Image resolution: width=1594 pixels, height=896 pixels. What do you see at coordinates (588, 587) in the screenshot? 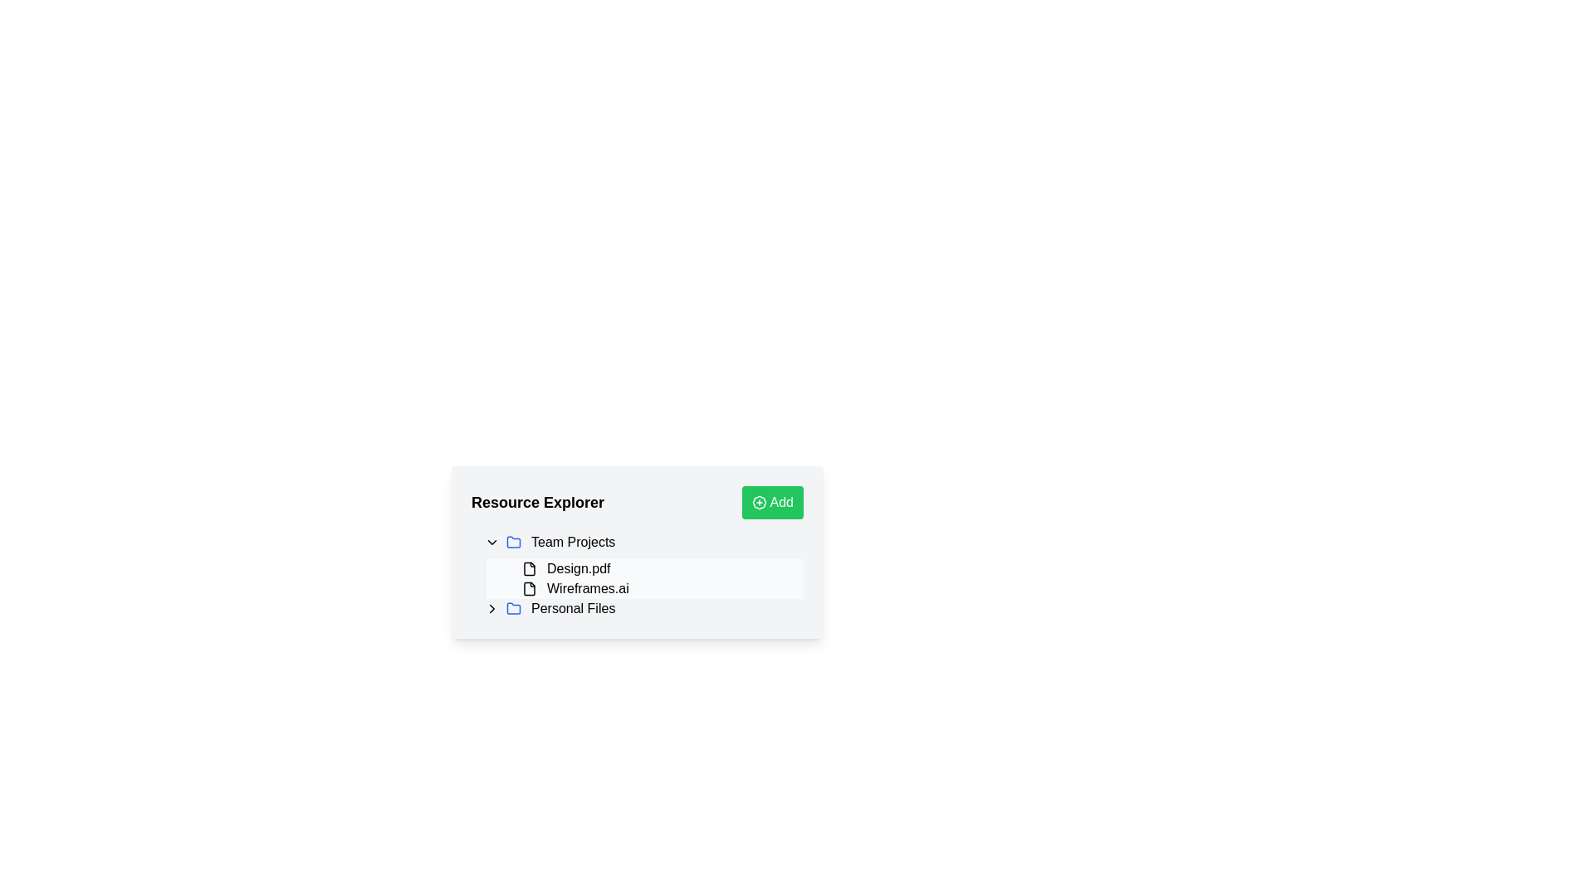
I see `the label that serves as a descriptor for the associated file item, located to the right of the file icon in the file explorer interface` at bounding box center [588, 587].